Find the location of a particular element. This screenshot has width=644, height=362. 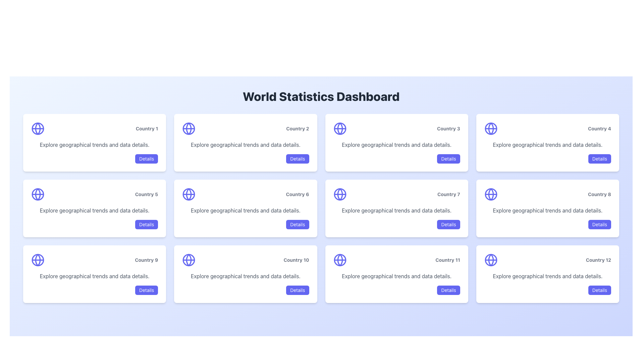

the 'Details' button located at the bottom right corner of the card labeled 'Country 12' is located at coordinates (599, 290).